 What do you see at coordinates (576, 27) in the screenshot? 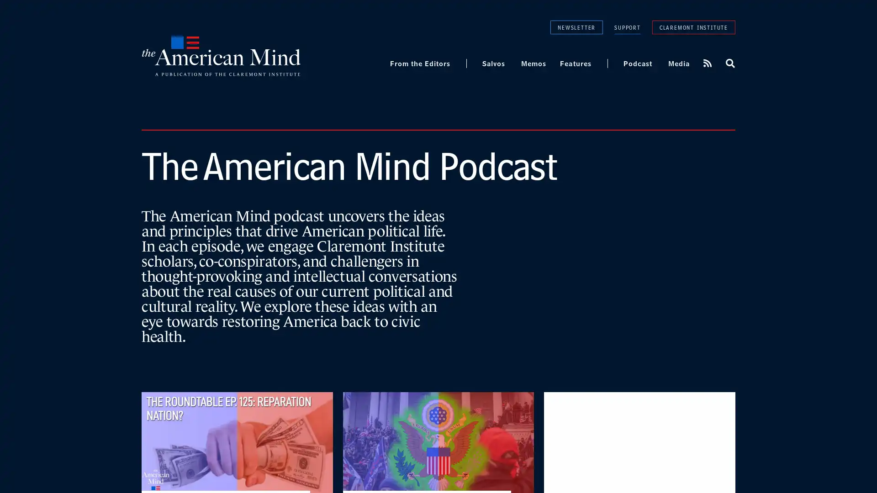
I see `newsletter` at bounding box center [576, 27].